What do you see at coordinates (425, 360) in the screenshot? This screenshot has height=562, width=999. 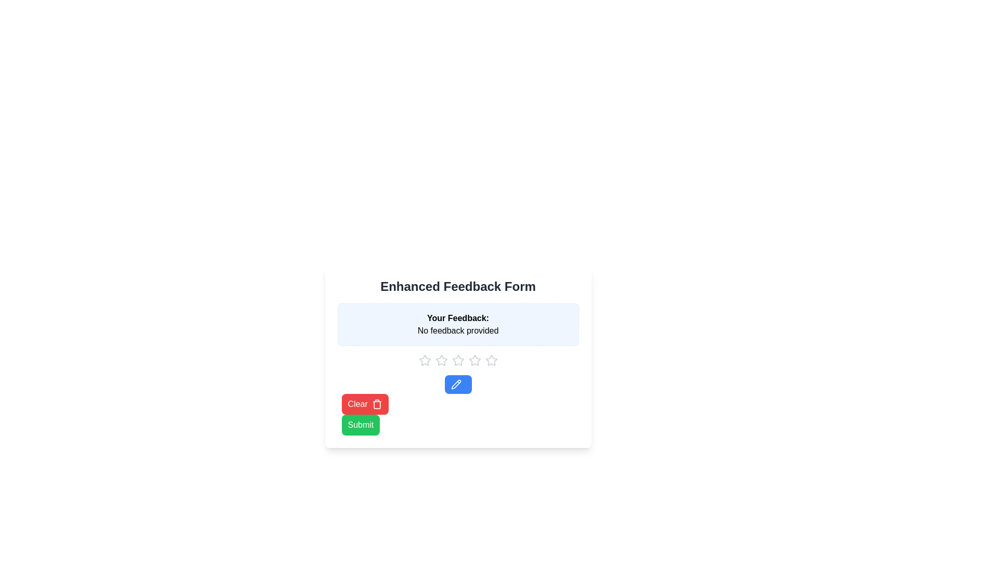 I see `the leftmost star rating icon to provide feedback in the rating system located below the 'Your Feedback: No feedback provided' section` at bounding box center [425, 360].